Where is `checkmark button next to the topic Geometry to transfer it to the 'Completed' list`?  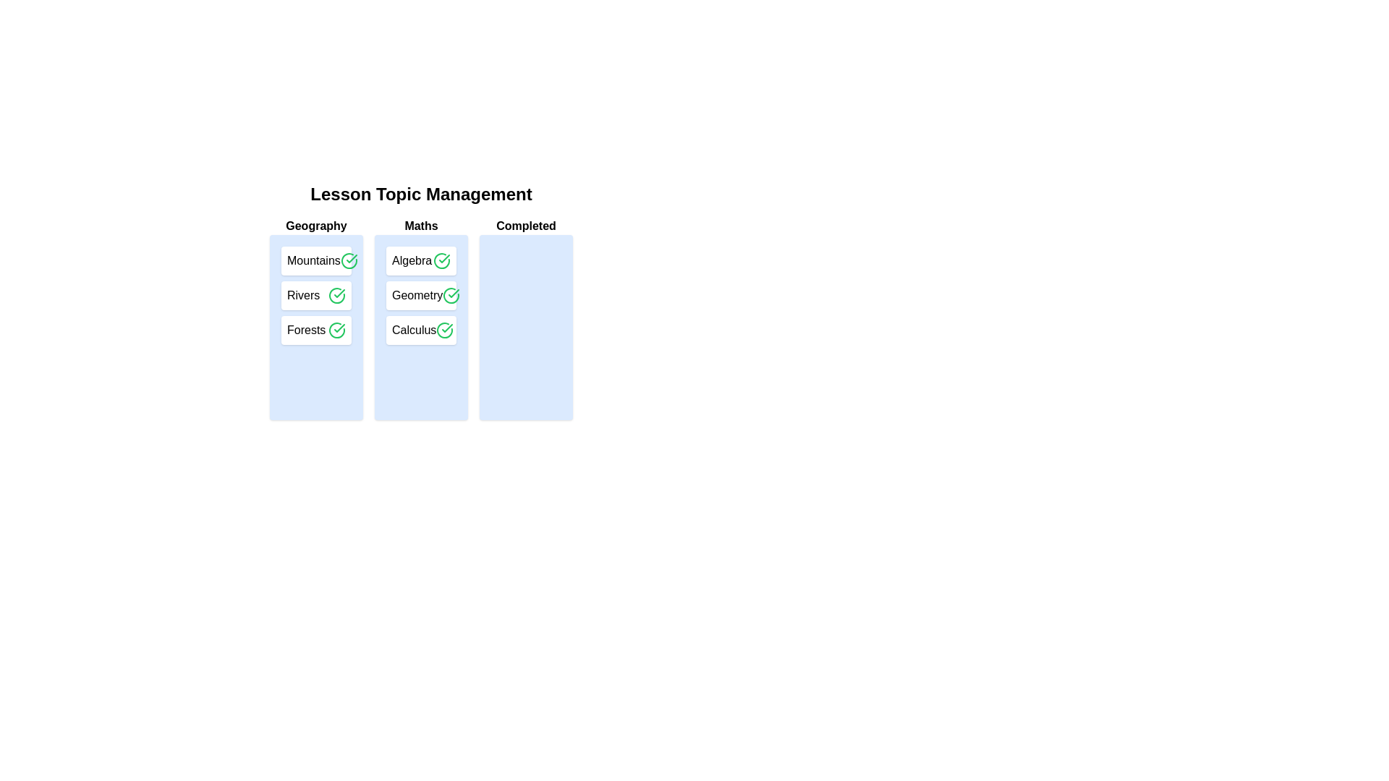
checkmark button next to the topic Geometry to transfer it to the 'Completed' list is located at coordinates (451, 294).